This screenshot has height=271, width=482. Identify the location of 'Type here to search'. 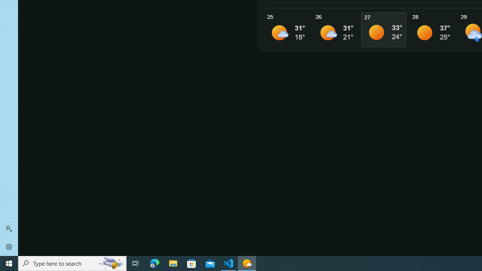
(72, 263).